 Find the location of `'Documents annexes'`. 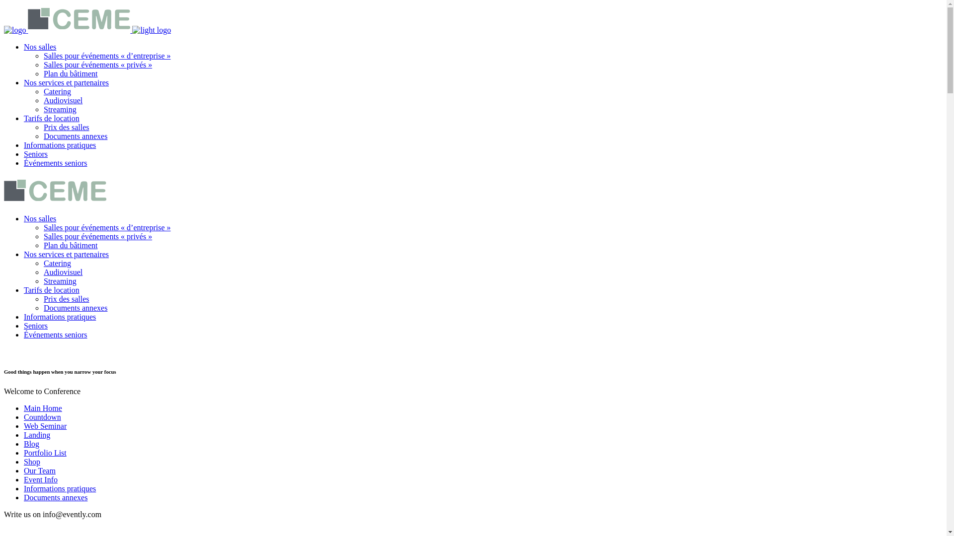

'Documents annexes' is located at coordinates (75, 136).